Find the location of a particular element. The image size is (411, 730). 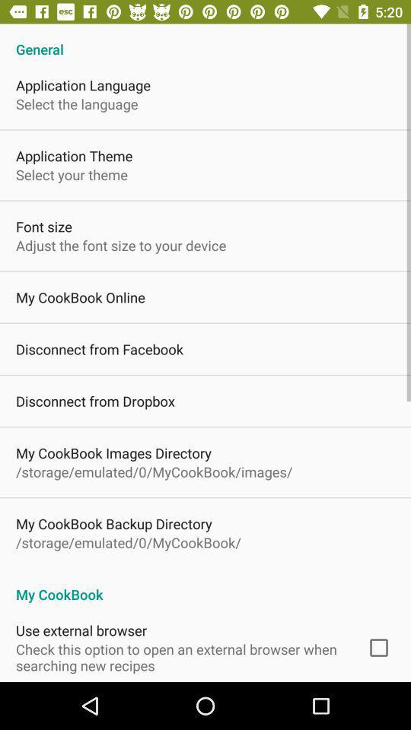

app below the general is located at coordinates (83, 85).